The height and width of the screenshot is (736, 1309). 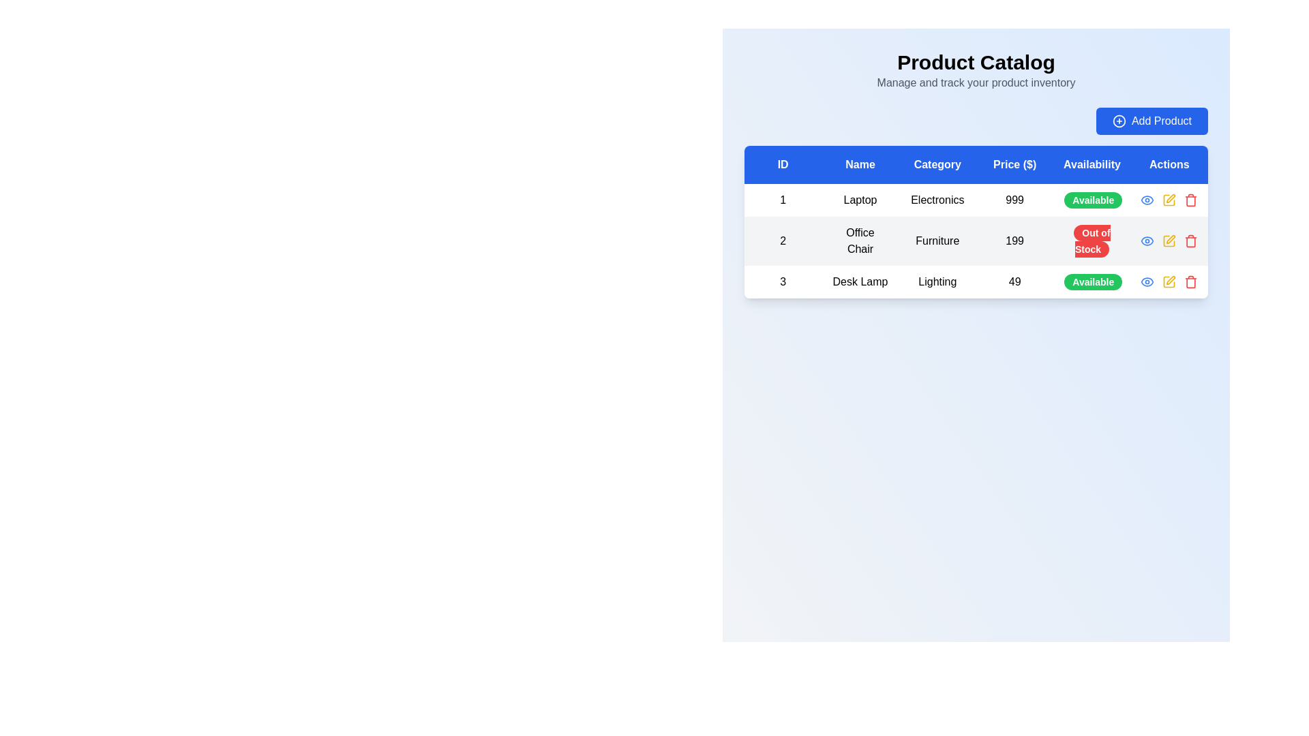 What do you see at coordinates (1092, 200) in the screenshot?
I see `text from the availability badge located in the fifth column of the first row for the item labeled 'Laptop'` at bounding box center [1092, 200].